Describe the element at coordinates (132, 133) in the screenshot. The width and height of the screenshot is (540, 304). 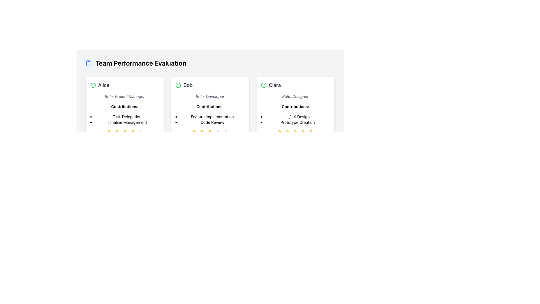
I see `the fourth star icon in the horizontal line of five stars to assign a rating for user Alice` at that location.